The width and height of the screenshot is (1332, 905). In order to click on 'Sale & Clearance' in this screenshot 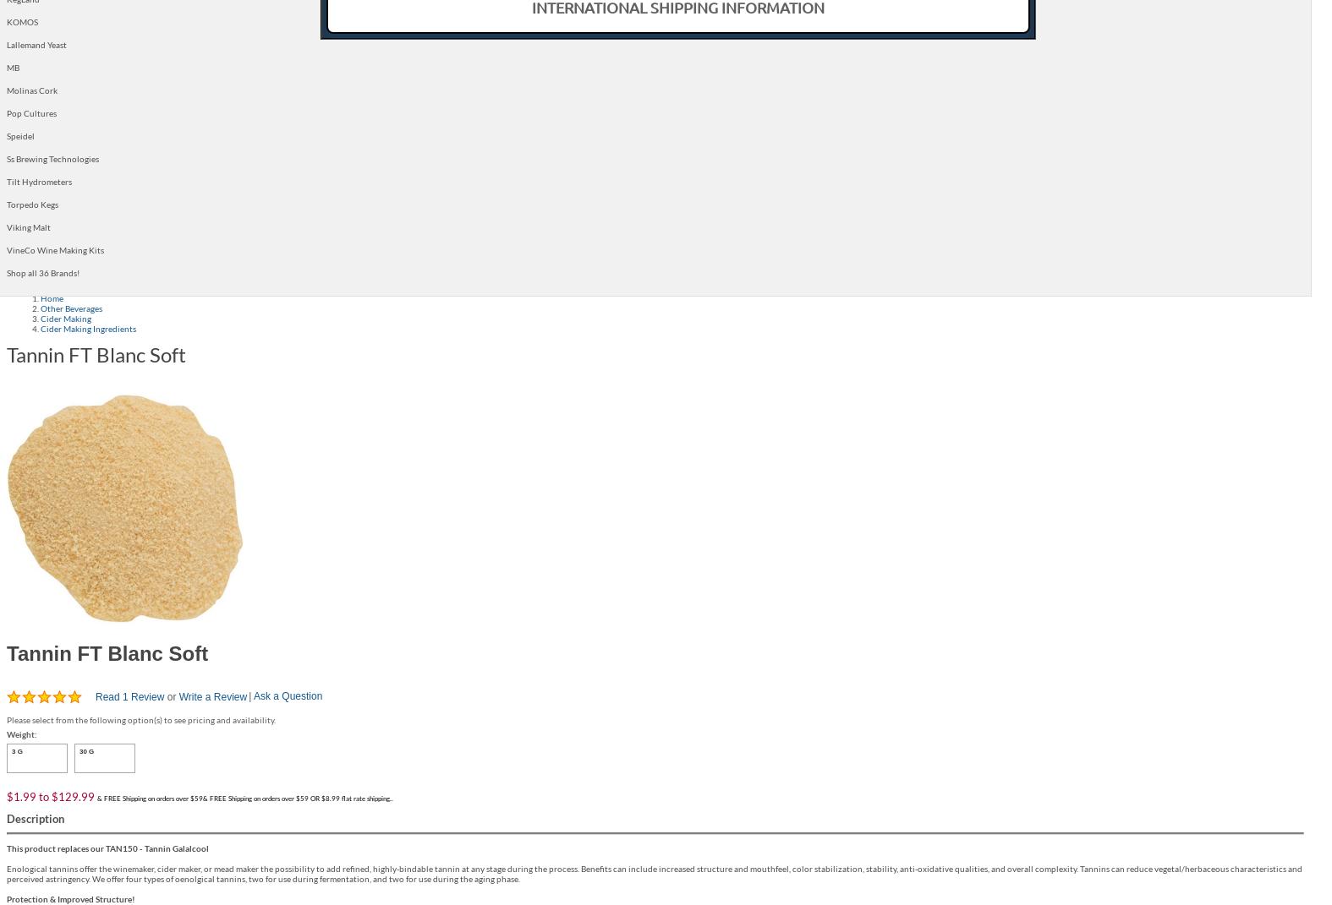, I will do `click(224, 155)`.